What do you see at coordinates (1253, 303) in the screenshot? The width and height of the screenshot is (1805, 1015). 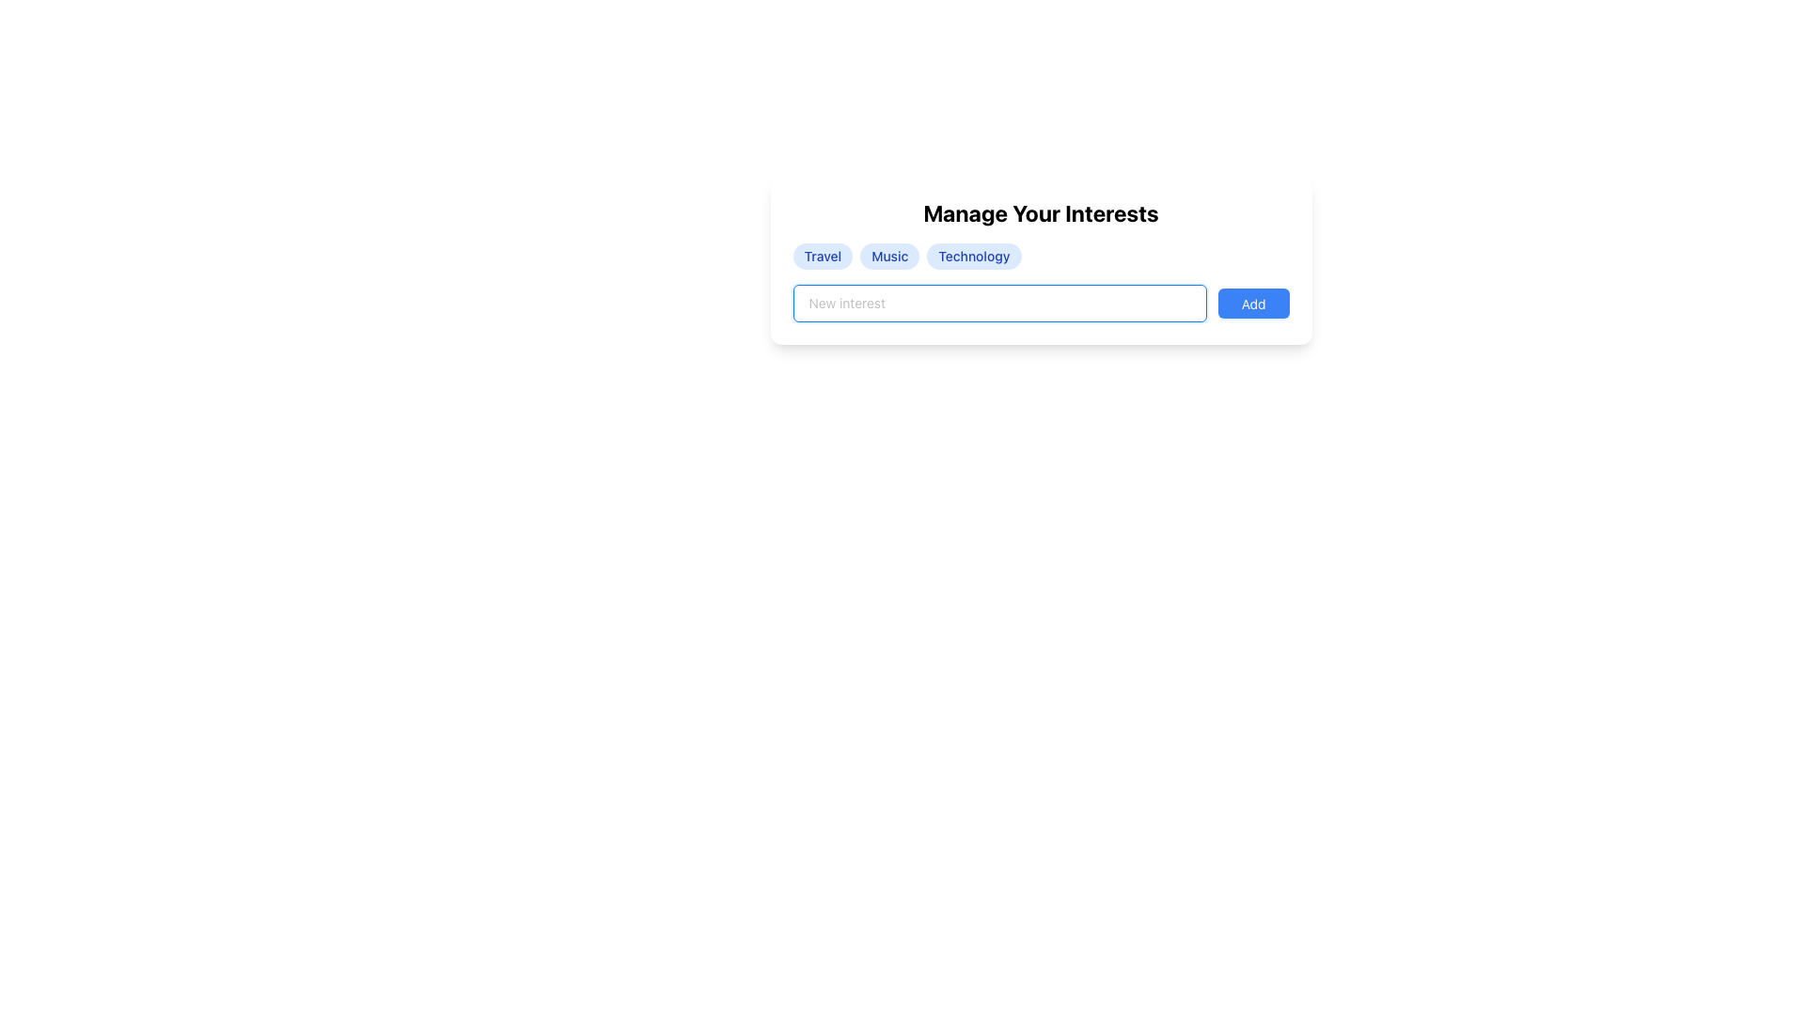 I see `the 'Add' button, which is a blue rectangular button with white text` at bounding box center [1253, 303].